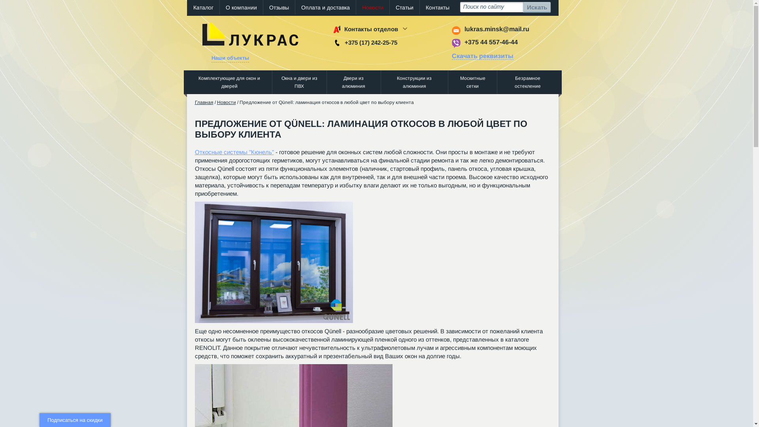 This screenshot has width=759, height=427. Describe the element at coordinates (496, 28) in the screenshot. I see `'lukras.minsk@mail.ru'` at that location.